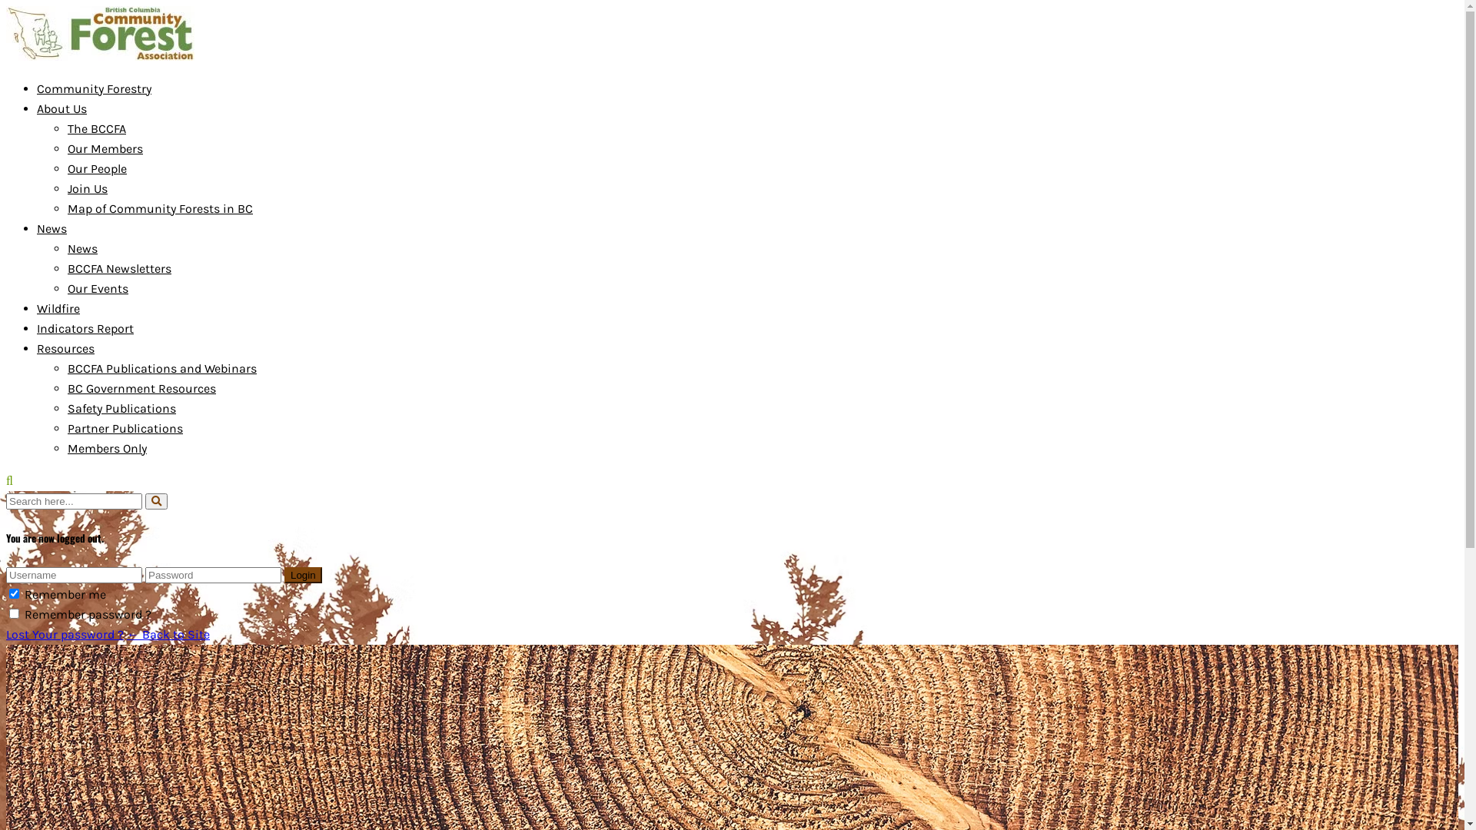 The image size is (1476, 830). What do you see at coordinates (65, 348) in the screenshot?
I see `'Resources'` at bounding box center [65, 348].